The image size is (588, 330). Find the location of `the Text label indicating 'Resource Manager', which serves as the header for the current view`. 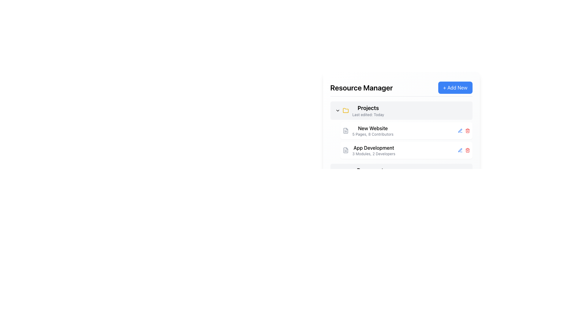

the Text label indicating 'Resource Manager', which serves as the header for the current view is located at coordinates (361, 87).